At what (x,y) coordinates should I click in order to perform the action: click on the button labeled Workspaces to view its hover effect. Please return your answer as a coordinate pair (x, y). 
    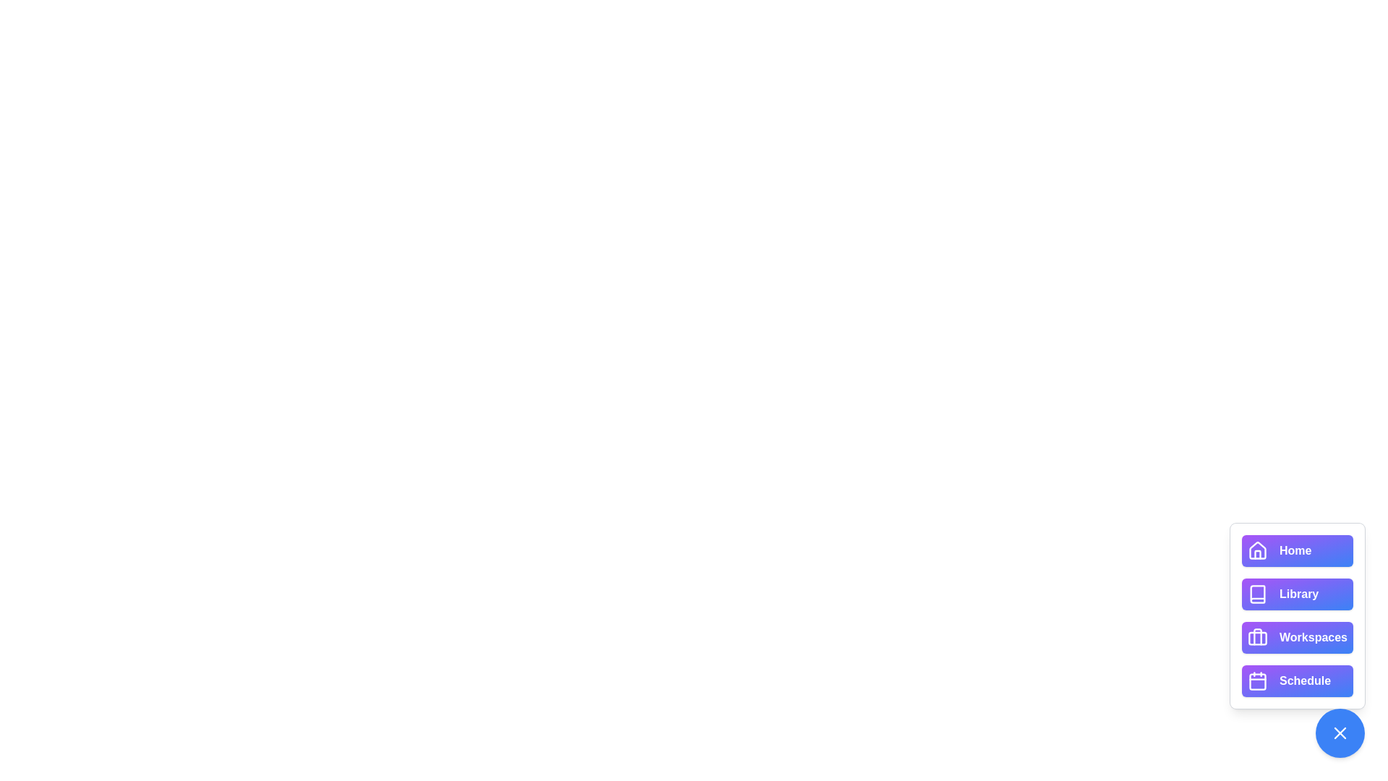
    Looking at the image, I should click on (1298, 637).